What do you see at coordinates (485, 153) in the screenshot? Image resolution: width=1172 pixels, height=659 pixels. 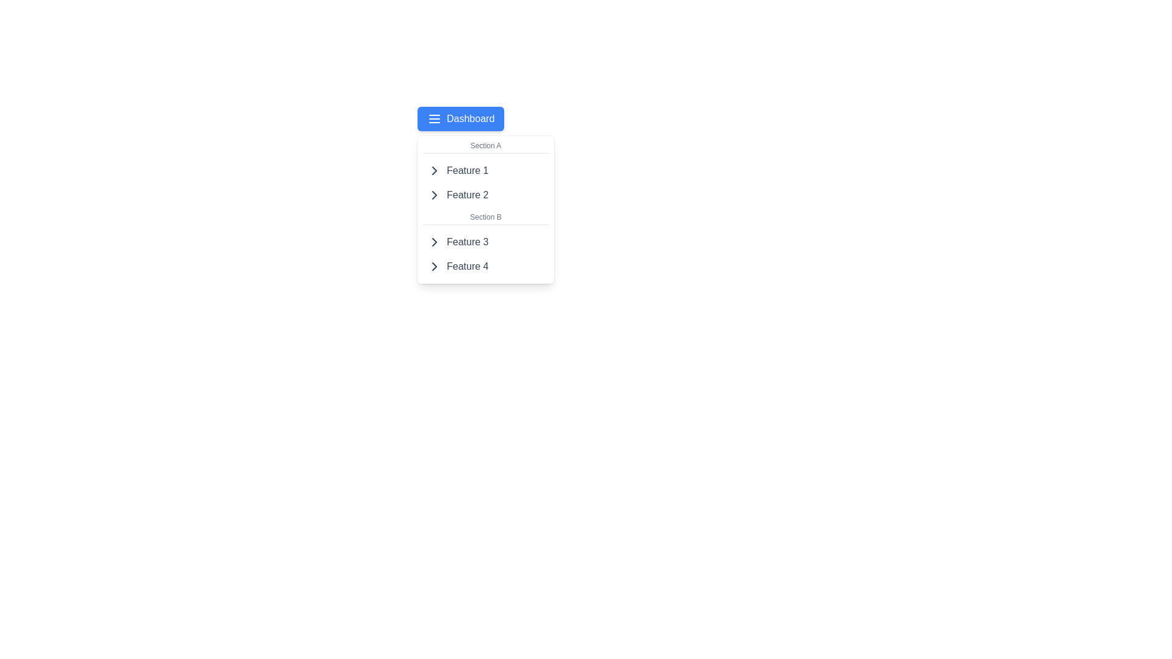 I see `the thin horizontal divider line located beneath the 'Section A' header, which visually separates it from the listed items 'Feature 1' and 'Feature 2'` at bounding box center [485, 153].